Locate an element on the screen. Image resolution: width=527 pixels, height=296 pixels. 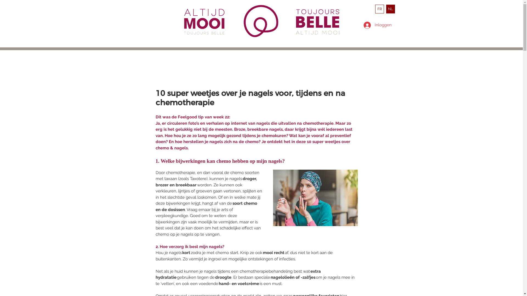
'NL' is located at coordinates (390, 9).